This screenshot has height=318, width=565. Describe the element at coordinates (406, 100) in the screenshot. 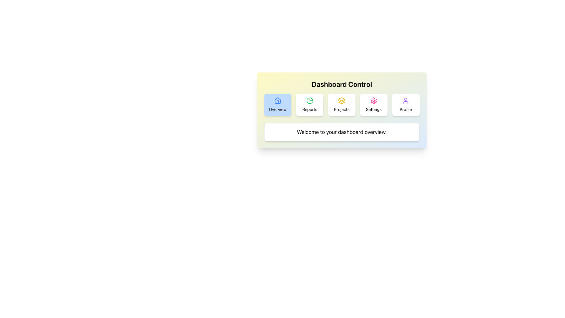

I see `the user profile icon located in the bottom-right corner of the profile card section on the dashboard interface` at that location.